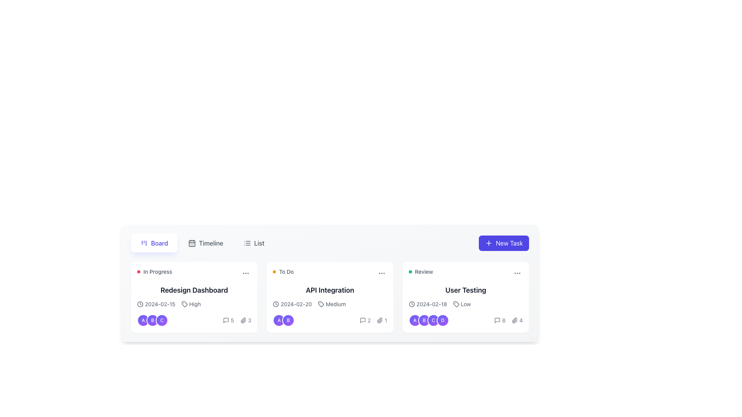 The height and width of the screenshot is (417, 742). What do you see at coordinates (456, 303) in the screenshot?
I see `the SVG price tag icon located to the left of the text 'Low' in the 'User Testing' card as a visual indicator` at bounding box center [456, 303].